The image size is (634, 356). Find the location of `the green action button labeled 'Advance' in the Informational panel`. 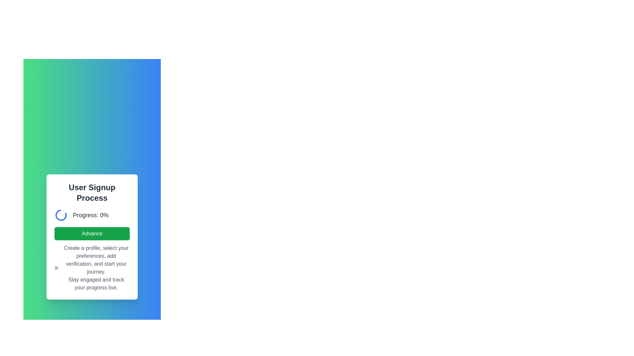

the green action button labeled 'Advance' in the Informational panel is located at coordinates (91, 236).